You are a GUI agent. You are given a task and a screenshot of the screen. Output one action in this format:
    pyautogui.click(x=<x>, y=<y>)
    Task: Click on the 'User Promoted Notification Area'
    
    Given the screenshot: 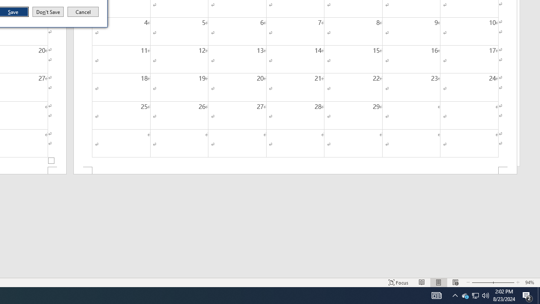 What is the action you would take?
    pyautogui.click(x=475, y=295)
    